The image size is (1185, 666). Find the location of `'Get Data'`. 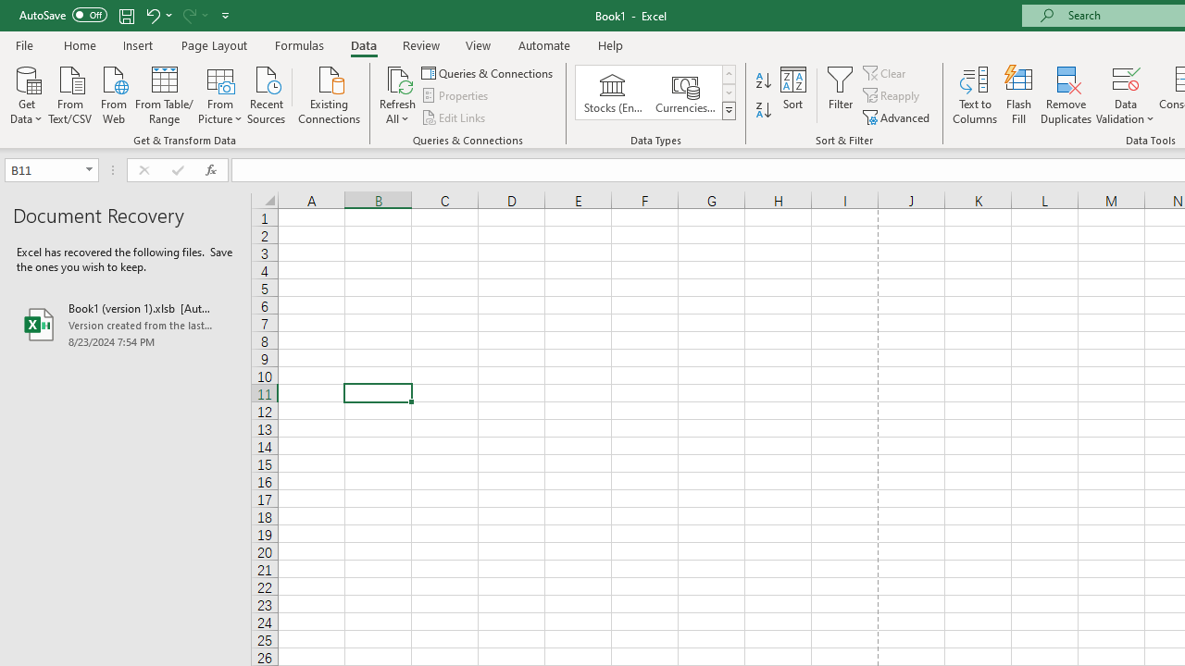

'Get Data' is located at coordinates (26, 93).